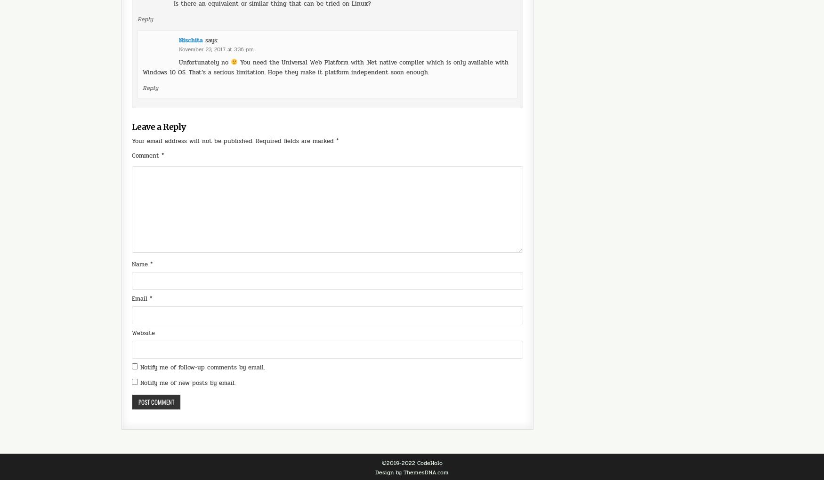 Image resolution: width=824 pixels, height=480 pixels. What do you see at coordinates (143, 306) in the screenshot?
I see `'Website'` at bounding box center [143, 306].